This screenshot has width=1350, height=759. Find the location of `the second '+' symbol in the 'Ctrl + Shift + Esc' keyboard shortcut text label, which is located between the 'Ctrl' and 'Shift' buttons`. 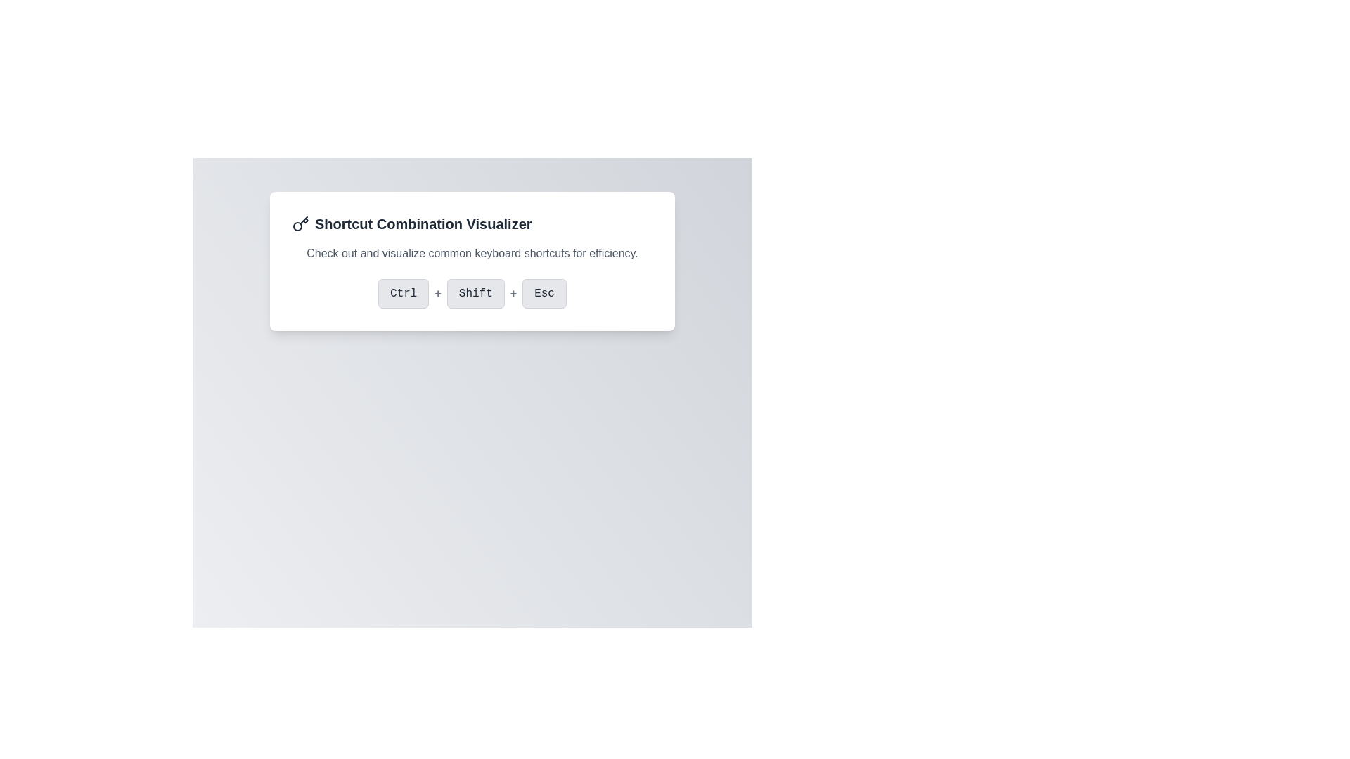

the second '+' symbol in the 'Ctrl + Shift + Esc' keyboard shortcut text label, which is located between the 'Ctrl' and 'Shift' buttons is located at coordinates (437, 292).